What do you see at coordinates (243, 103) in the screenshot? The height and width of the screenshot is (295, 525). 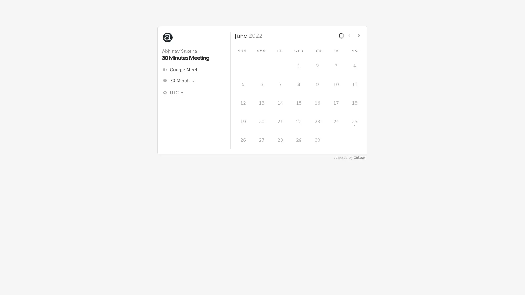 I see `12` at bounding box center [243, 103].